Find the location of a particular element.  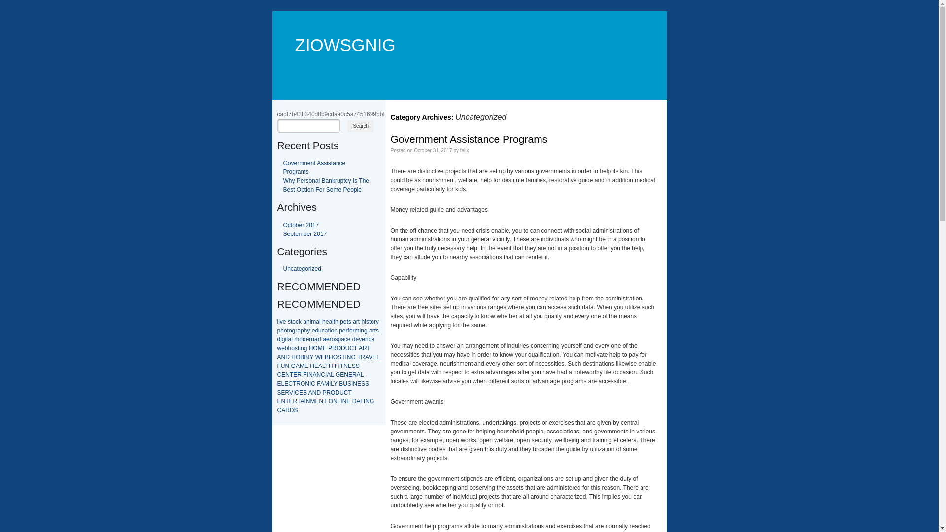

'B' is located at coordinates (340, 383).